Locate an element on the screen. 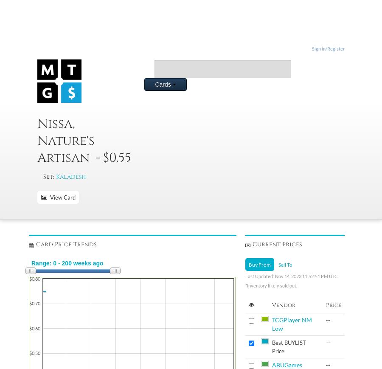 The image size is (382, 369). 'ABUGames' is located at coordinates (271, 365).